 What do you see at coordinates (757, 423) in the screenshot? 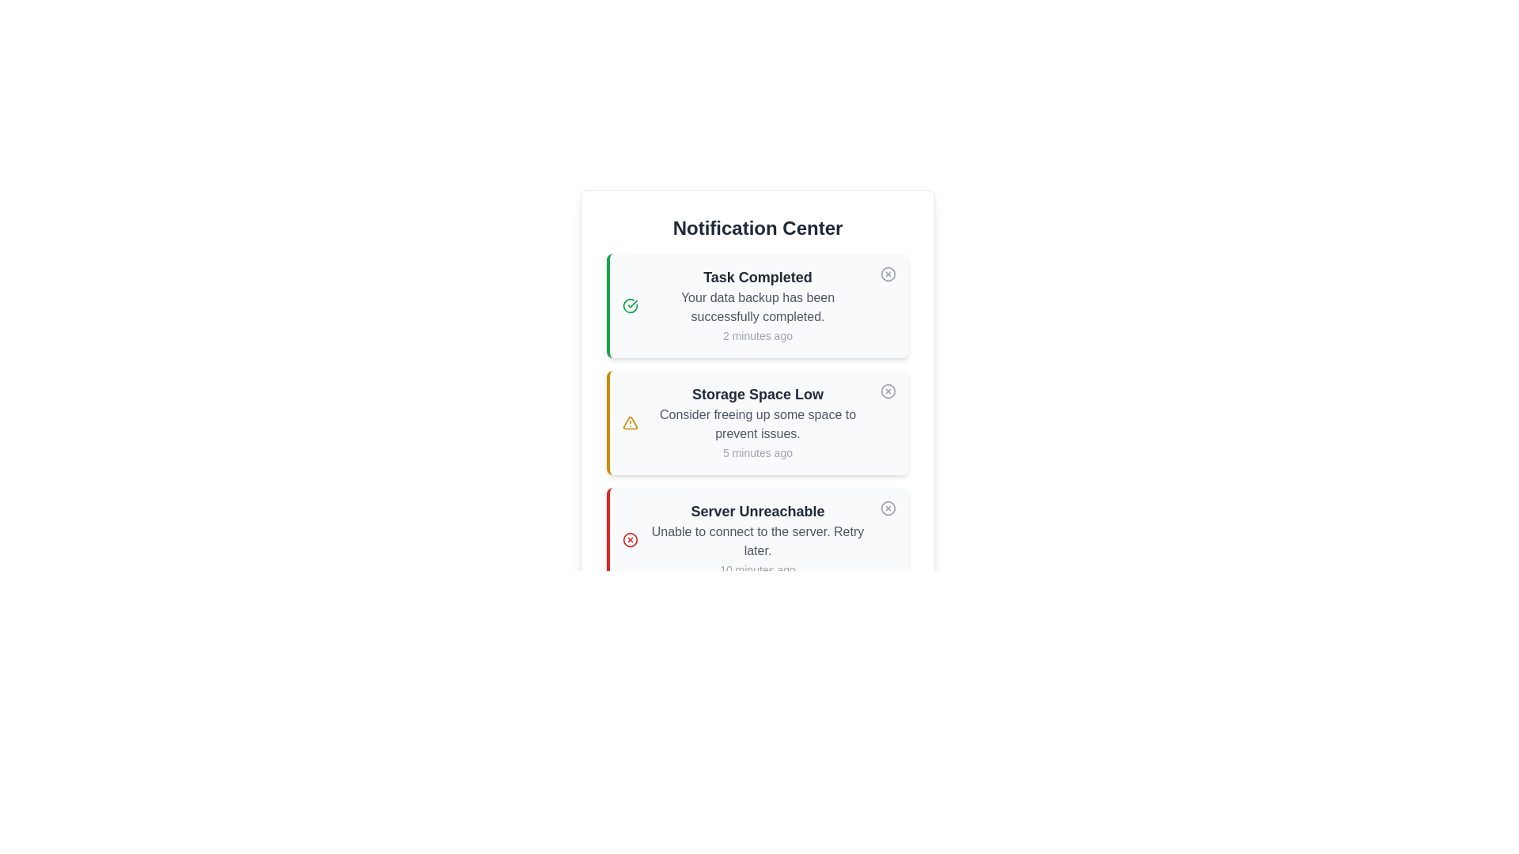
I see `the descriptive text related to low storage space in the second notification card of the Notification Center` at bounding box center [757, 423].